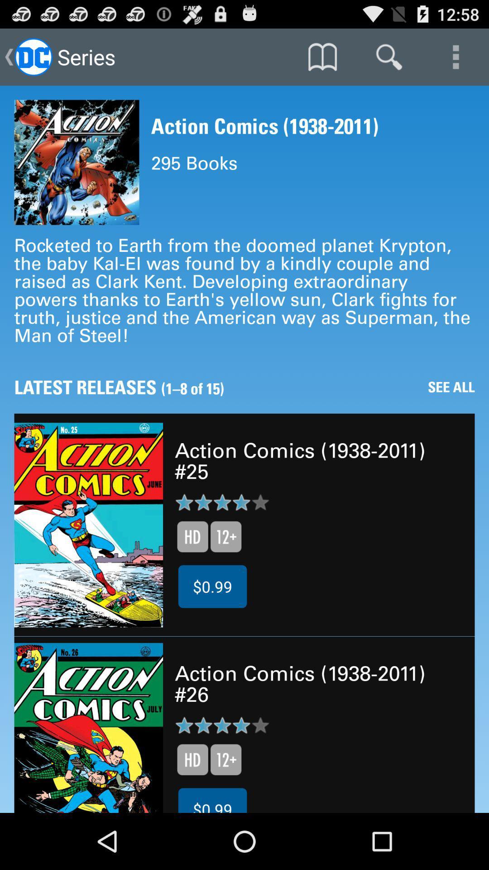 This screenshot has width=489, height=870. Describe the element at coordinates (322, 56) in the screenshot. I see `app next to series app` at that location.